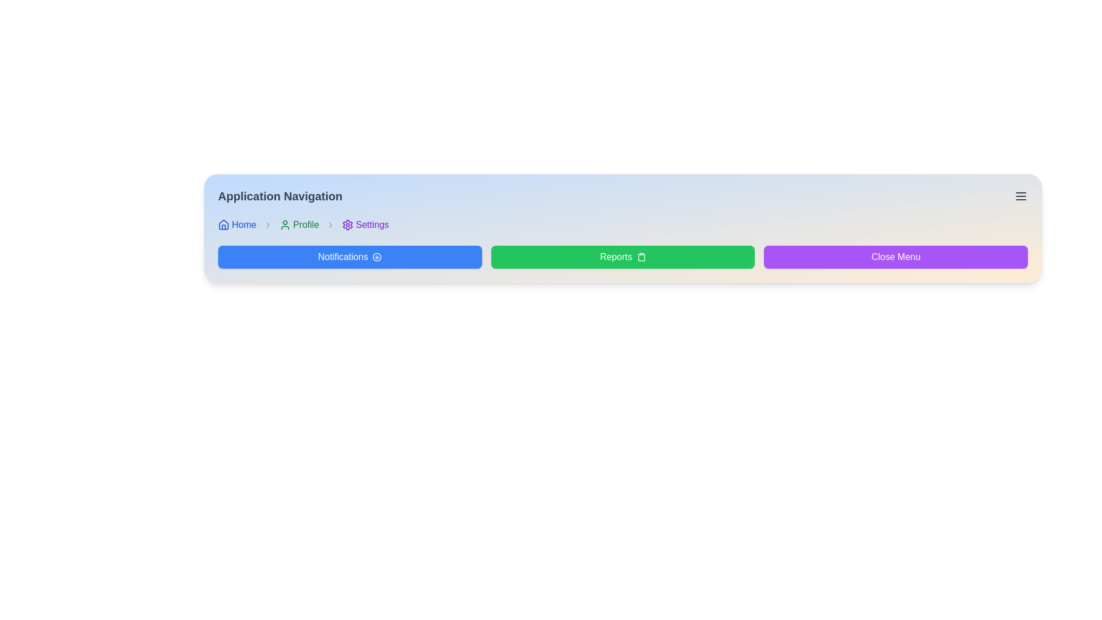  Describe the element at coordinates (223, 224) in the screenshot. I see `the 'Home' vector icon in the navigation menu located at the top left corner of the interface` at that location.